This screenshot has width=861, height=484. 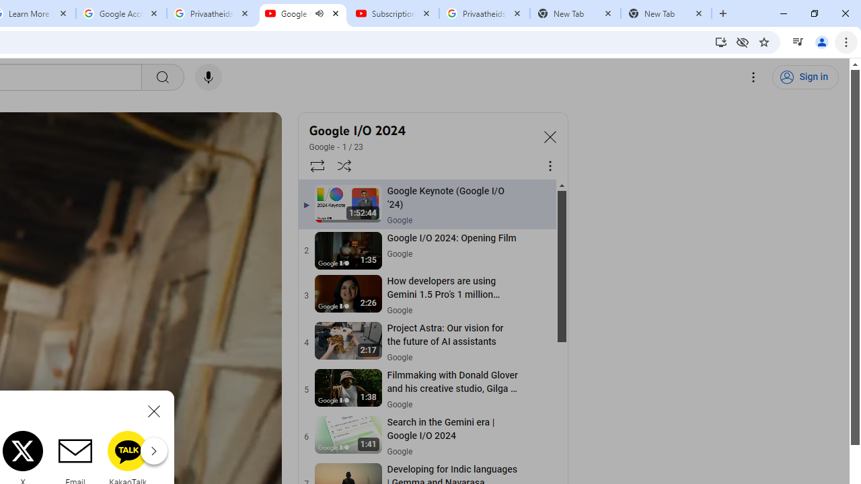 What do you see at coordinates (318, 13) in the screenshot?
I see `'Mute tab'` at bounding box center [318, 13].